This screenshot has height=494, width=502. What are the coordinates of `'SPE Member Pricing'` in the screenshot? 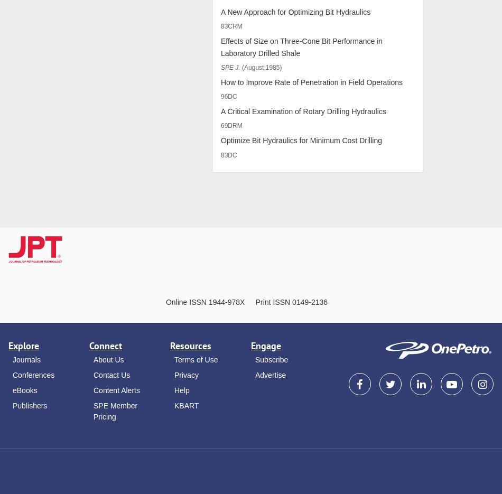 It's located at (115, 410).